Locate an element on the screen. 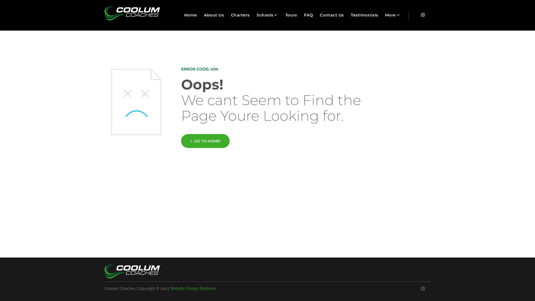  'Contact Us' is located at coordinates (332, 15).